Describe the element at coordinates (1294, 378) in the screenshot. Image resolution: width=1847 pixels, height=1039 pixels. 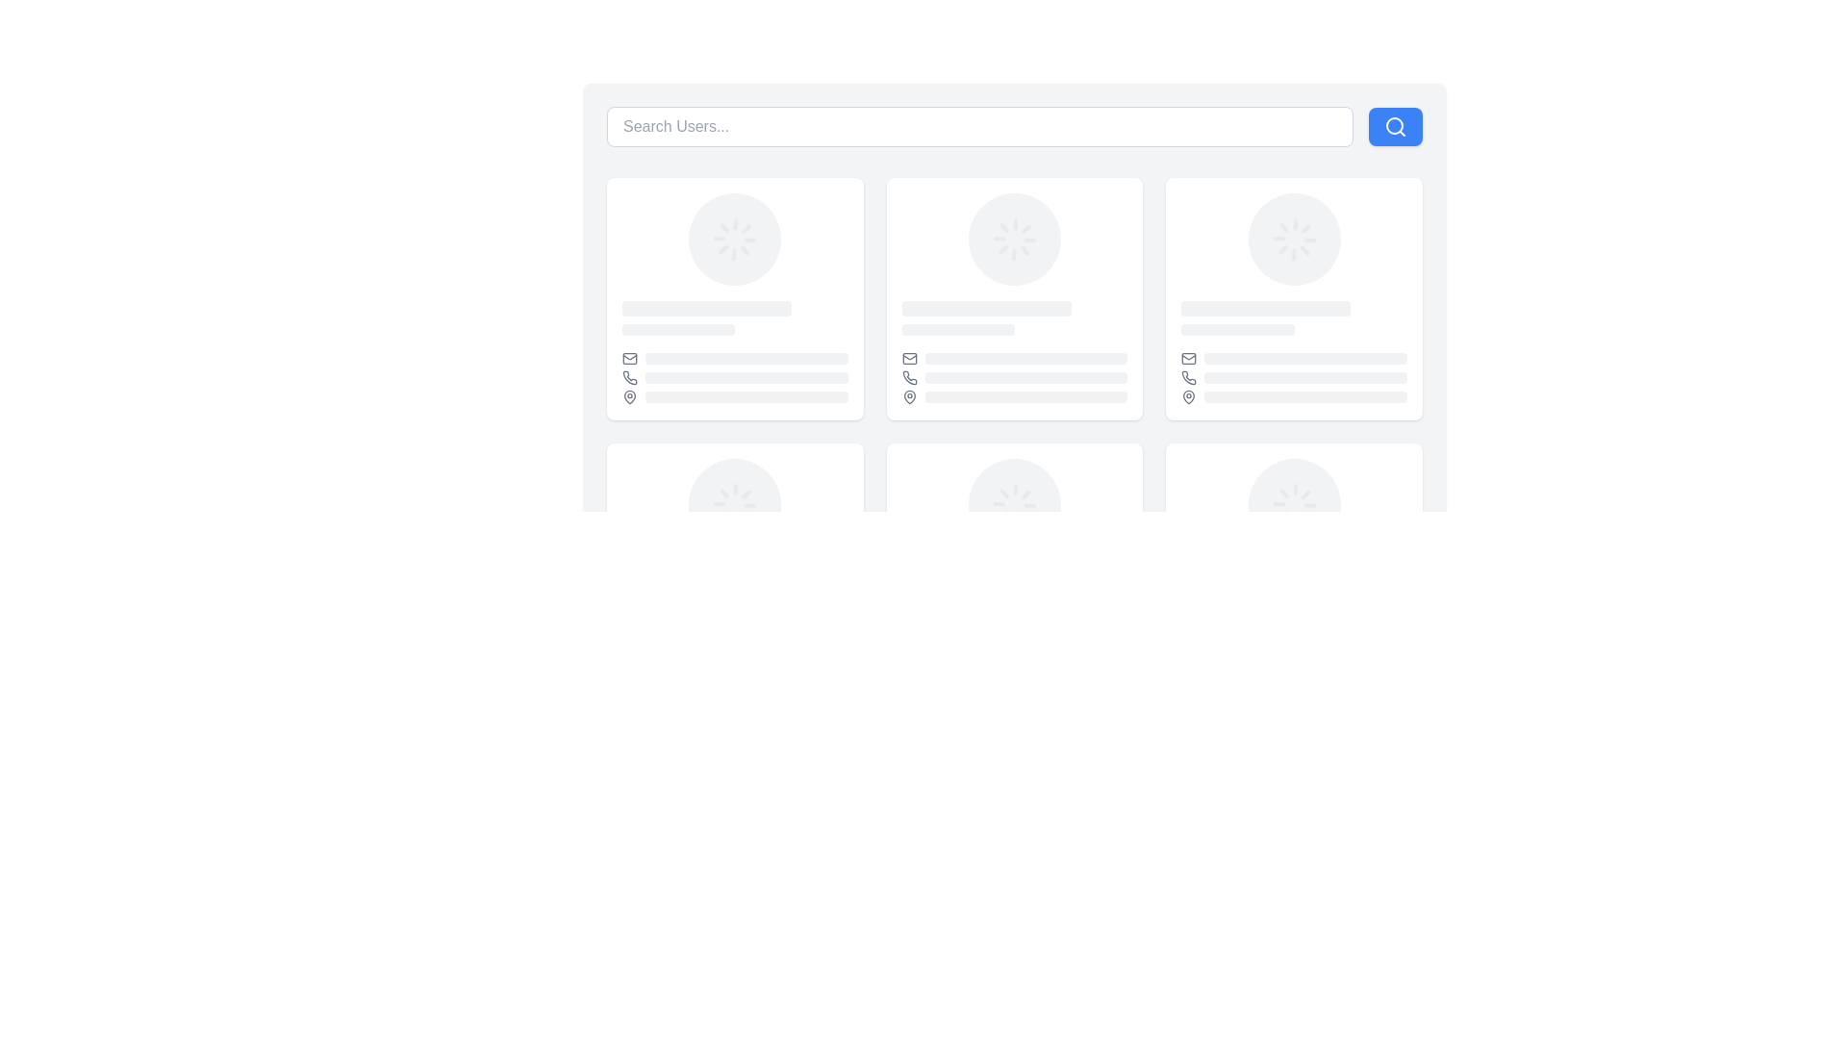
I see `the phone number placeholder in the second row of the user card when it is populated` at that location.